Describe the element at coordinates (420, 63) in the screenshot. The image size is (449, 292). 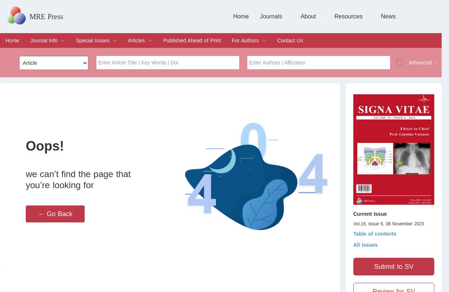
I see `'Advanced'` at that location.